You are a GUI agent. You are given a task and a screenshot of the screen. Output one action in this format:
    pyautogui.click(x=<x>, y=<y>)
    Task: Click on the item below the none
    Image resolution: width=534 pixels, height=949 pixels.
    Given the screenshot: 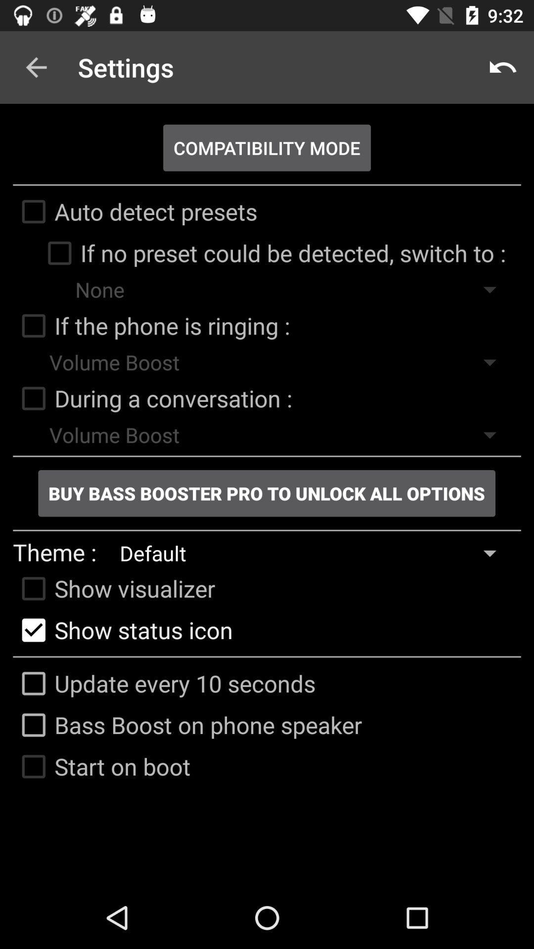 What is the action you would take?
    pyautogui.click(x=151, y=326)
    